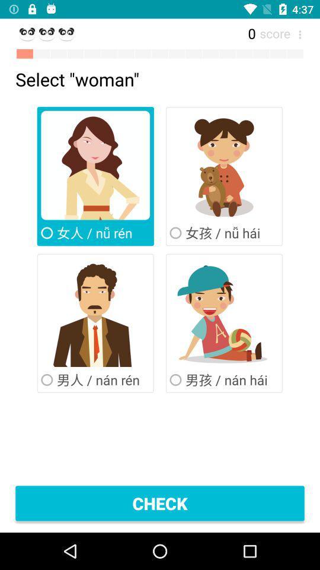  I want to click on the check icon, so click(160, 502).